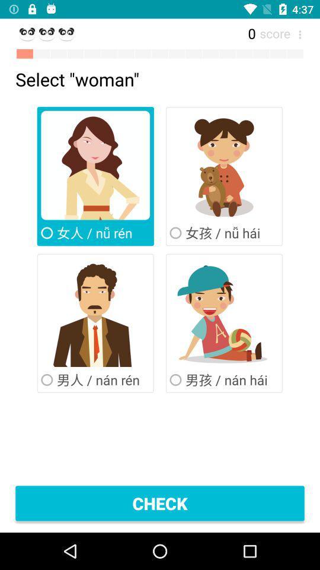  I want to click on the check icon, so click(160, 502).